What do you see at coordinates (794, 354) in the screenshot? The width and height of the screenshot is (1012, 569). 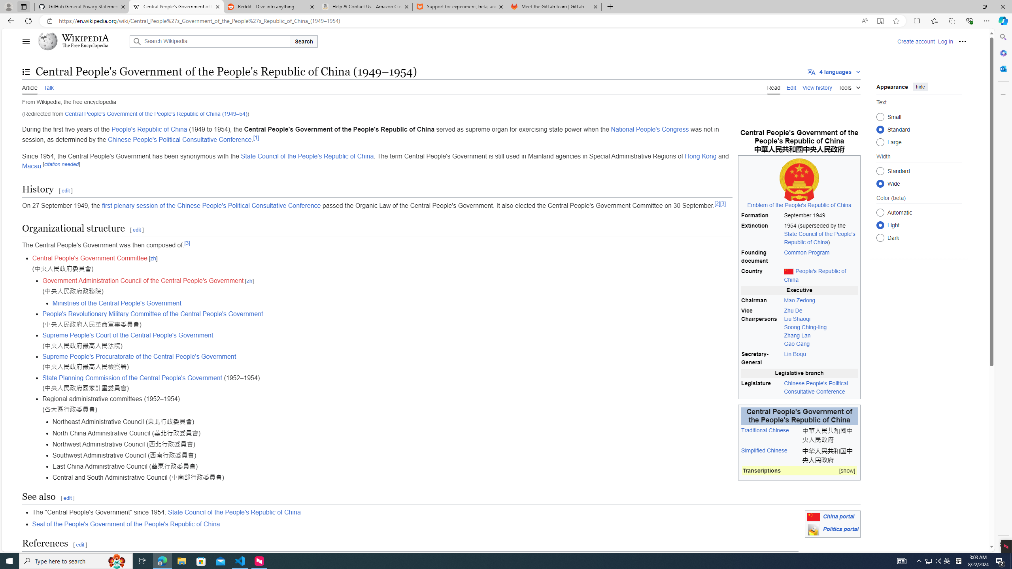 I see `'Lin Boqu'` at bounding box center [794, 354].